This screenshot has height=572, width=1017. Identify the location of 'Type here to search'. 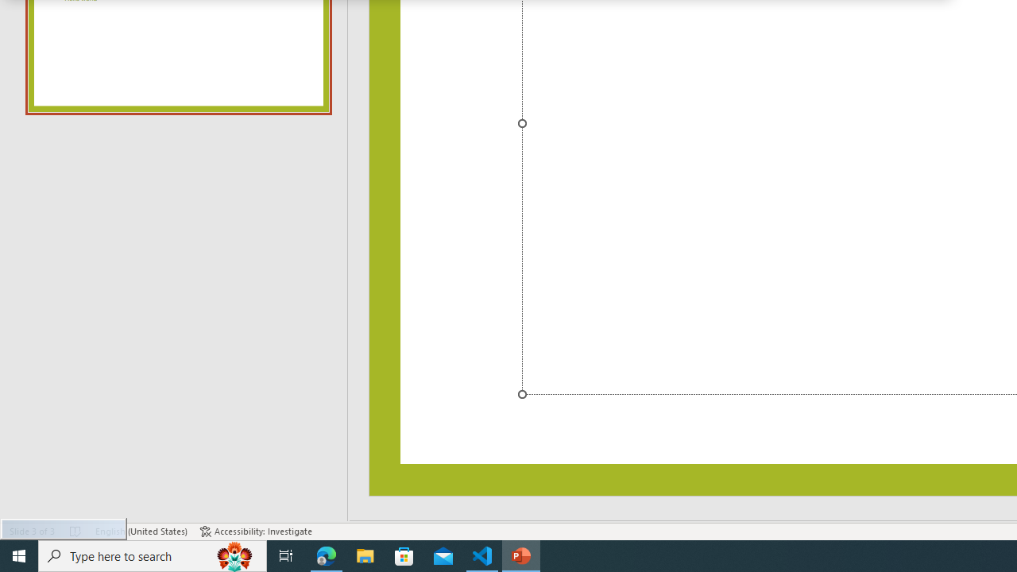
(153, 555).